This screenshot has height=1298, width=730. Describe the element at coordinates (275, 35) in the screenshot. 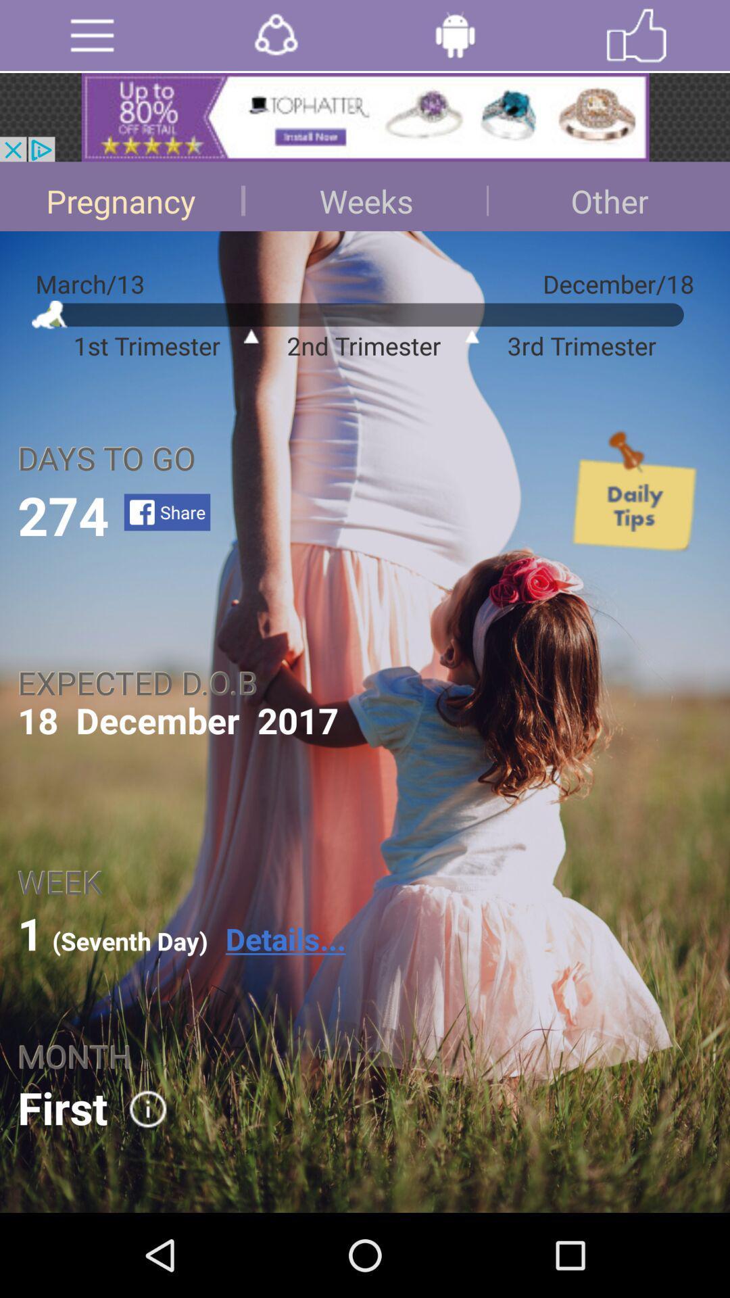

I see `share the article` at that location.